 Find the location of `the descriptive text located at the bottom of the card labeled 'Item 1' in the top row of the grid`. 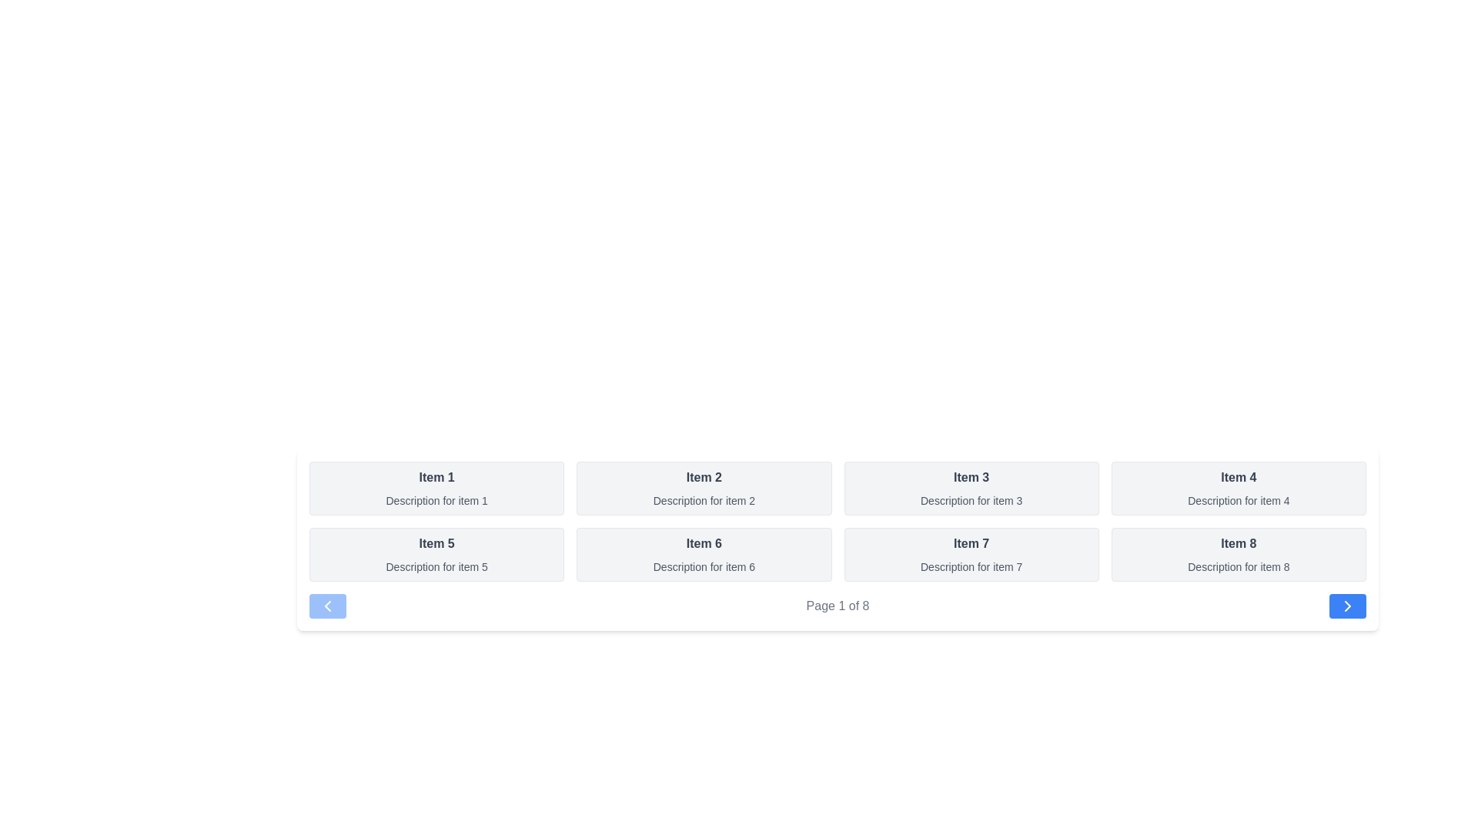

the descriptive text located at the bottom of the card labeled 'Item 1' in the top row of the grid is located at coordinates (436, 501).